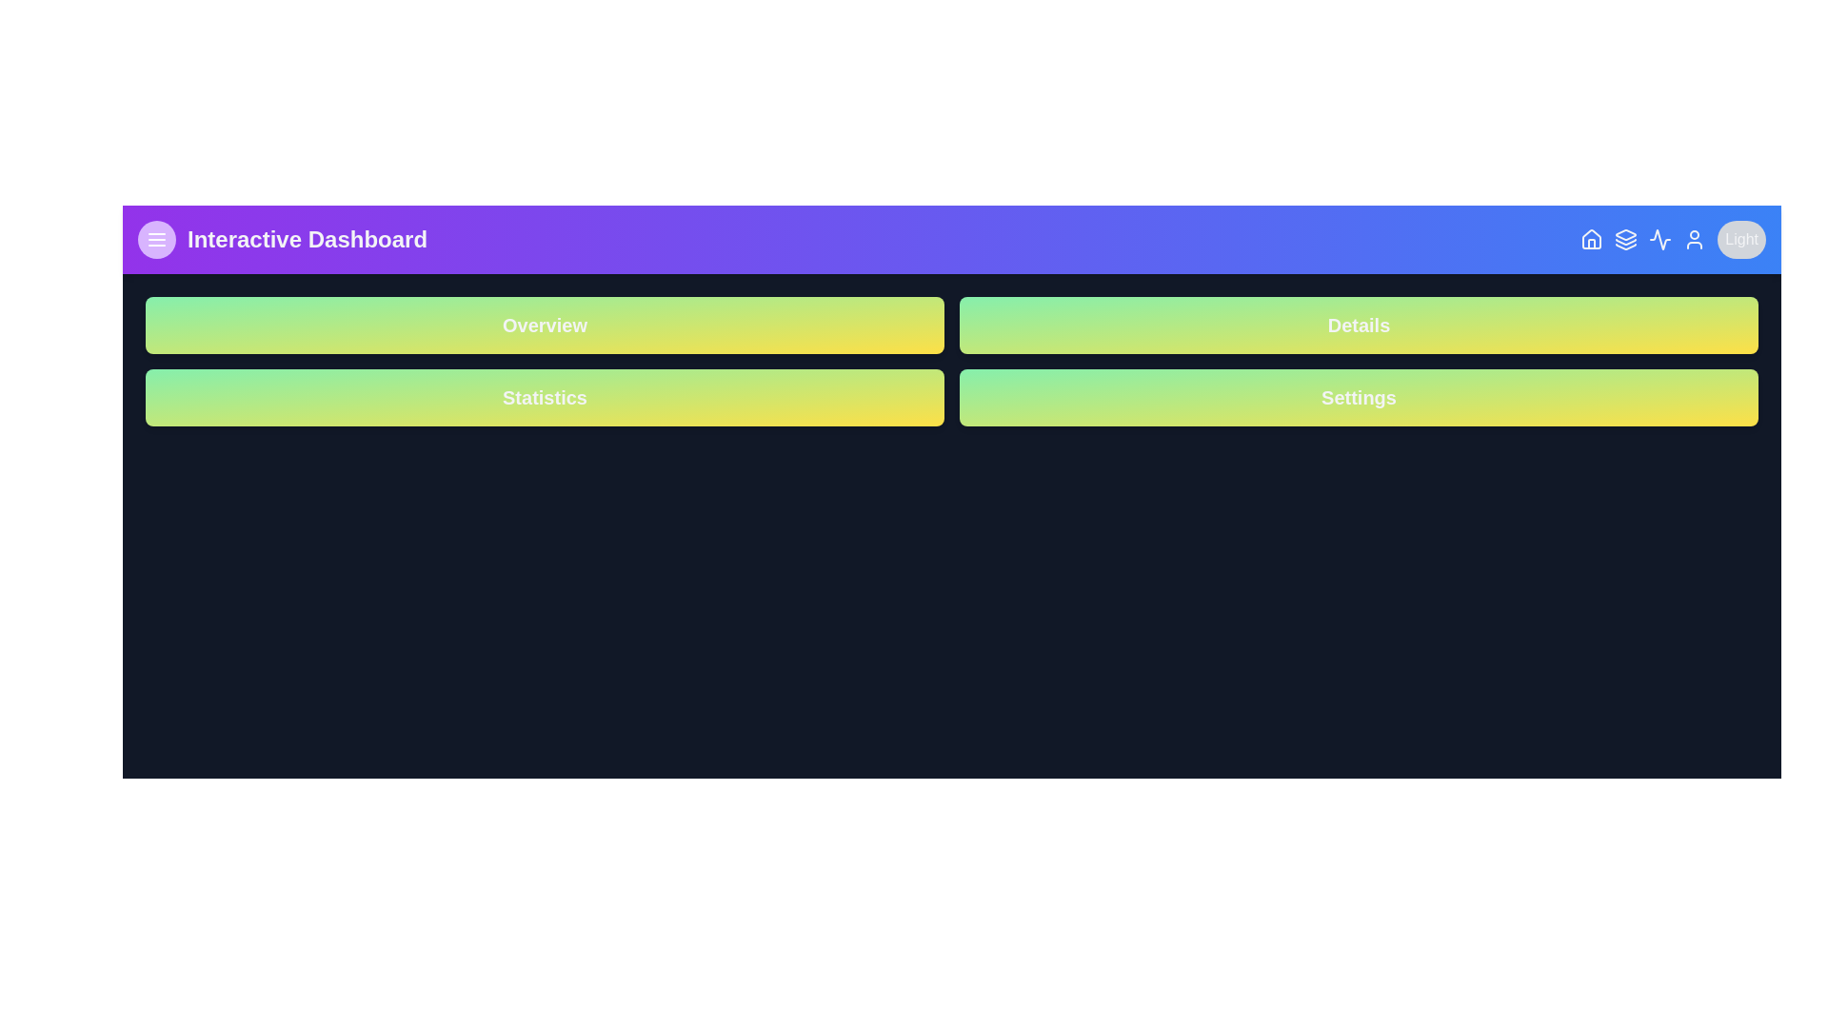 The height and width of the screenshot is (1028, 1828). Describe the element at coordinates (1358, 396) in the screenshot. I see `the button labeled 'Settings'` at that location.